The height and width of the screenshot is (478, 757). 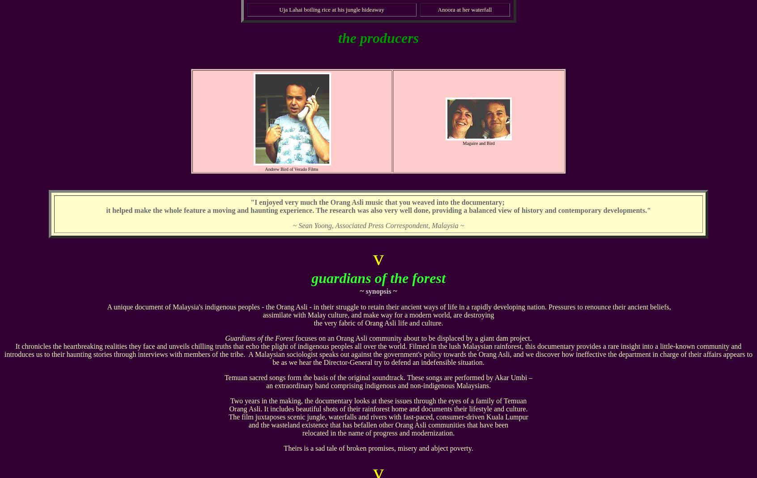 I want to click on 'v', so click(x=378, y=258).